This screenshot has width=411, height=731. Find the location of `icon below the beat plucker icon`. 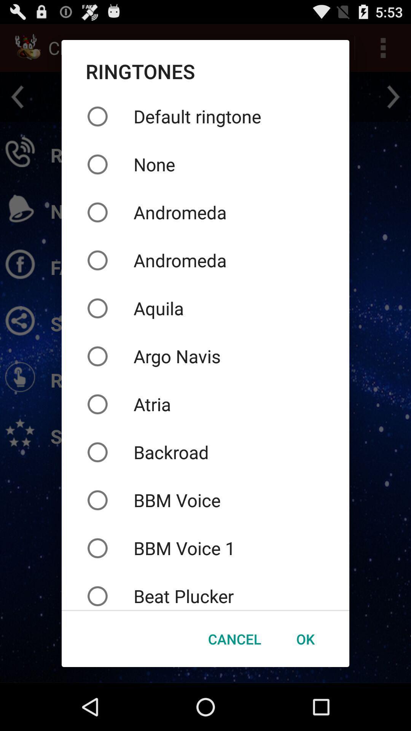

icon below the beat plucker icon is located at coordinates (234, 639).